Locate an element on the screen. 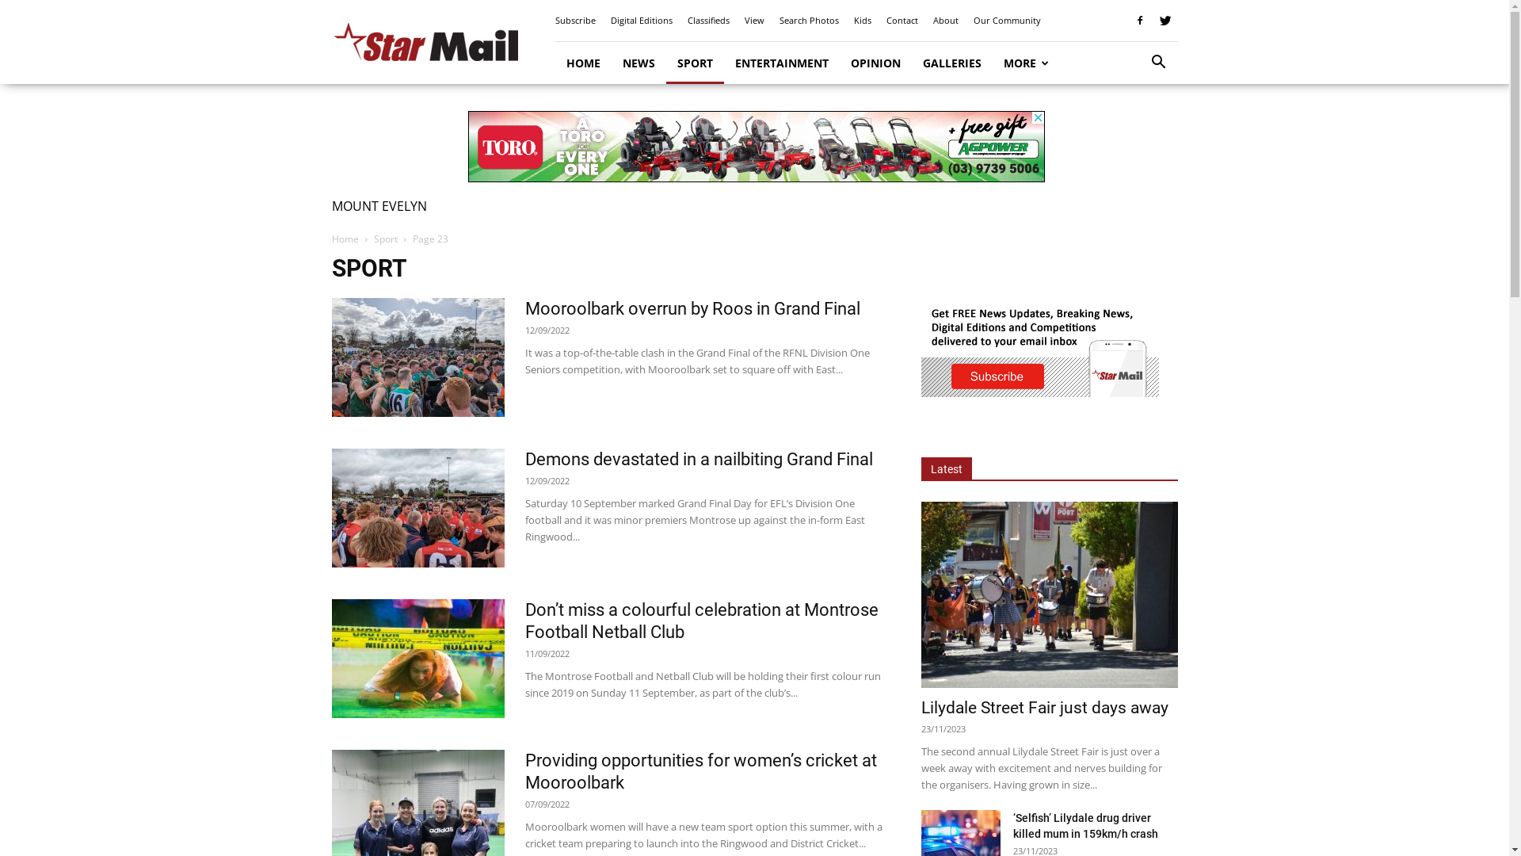 The height and width of the screenshot is (856, 1521). 'Classifieds' is located at coordinates (707, 20).